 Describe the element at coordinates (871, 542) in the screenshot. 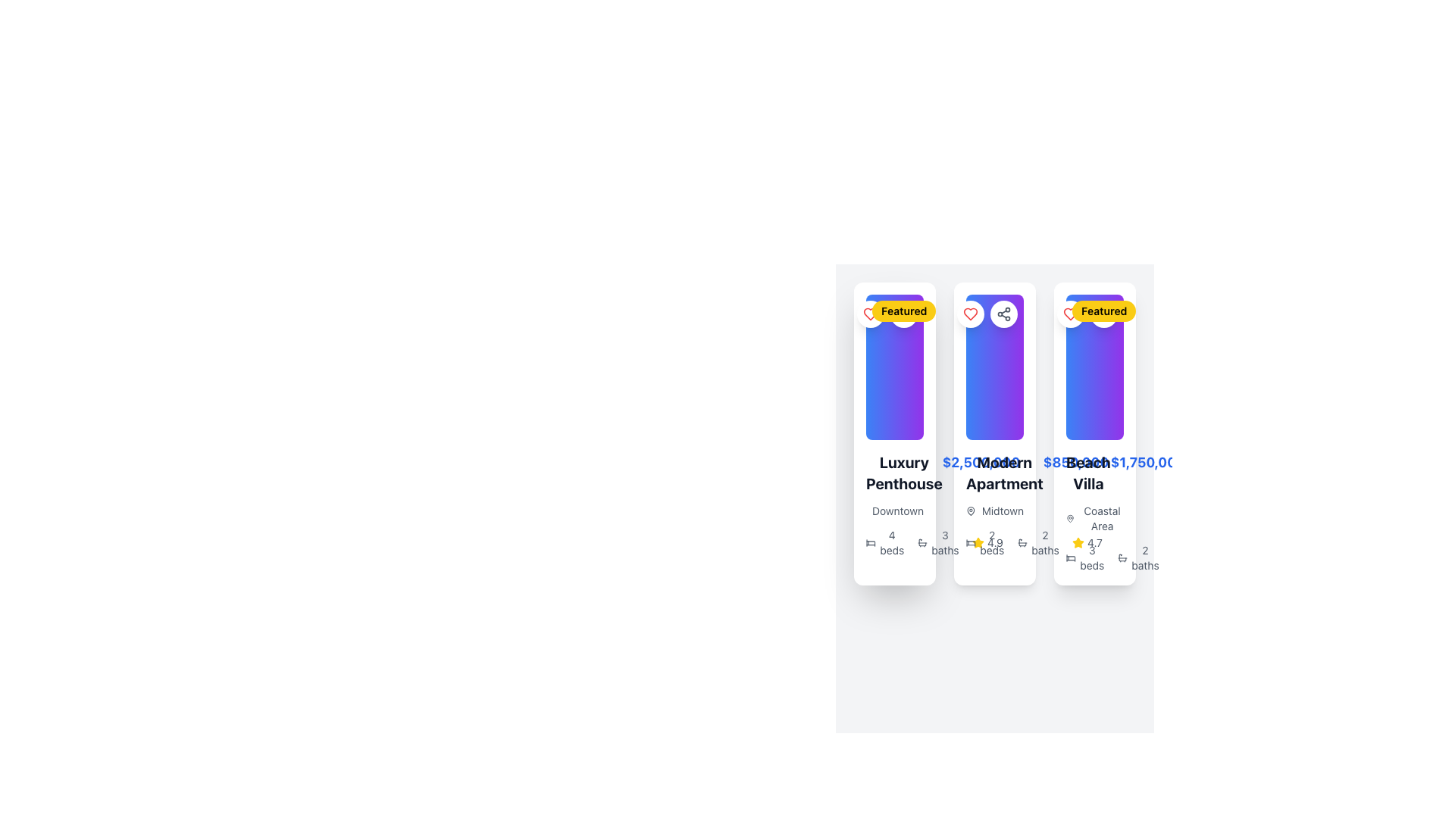

I see `the SVG icon representing a bed, which is located to the left of the '4 beds' label in the property card details section` at that location.